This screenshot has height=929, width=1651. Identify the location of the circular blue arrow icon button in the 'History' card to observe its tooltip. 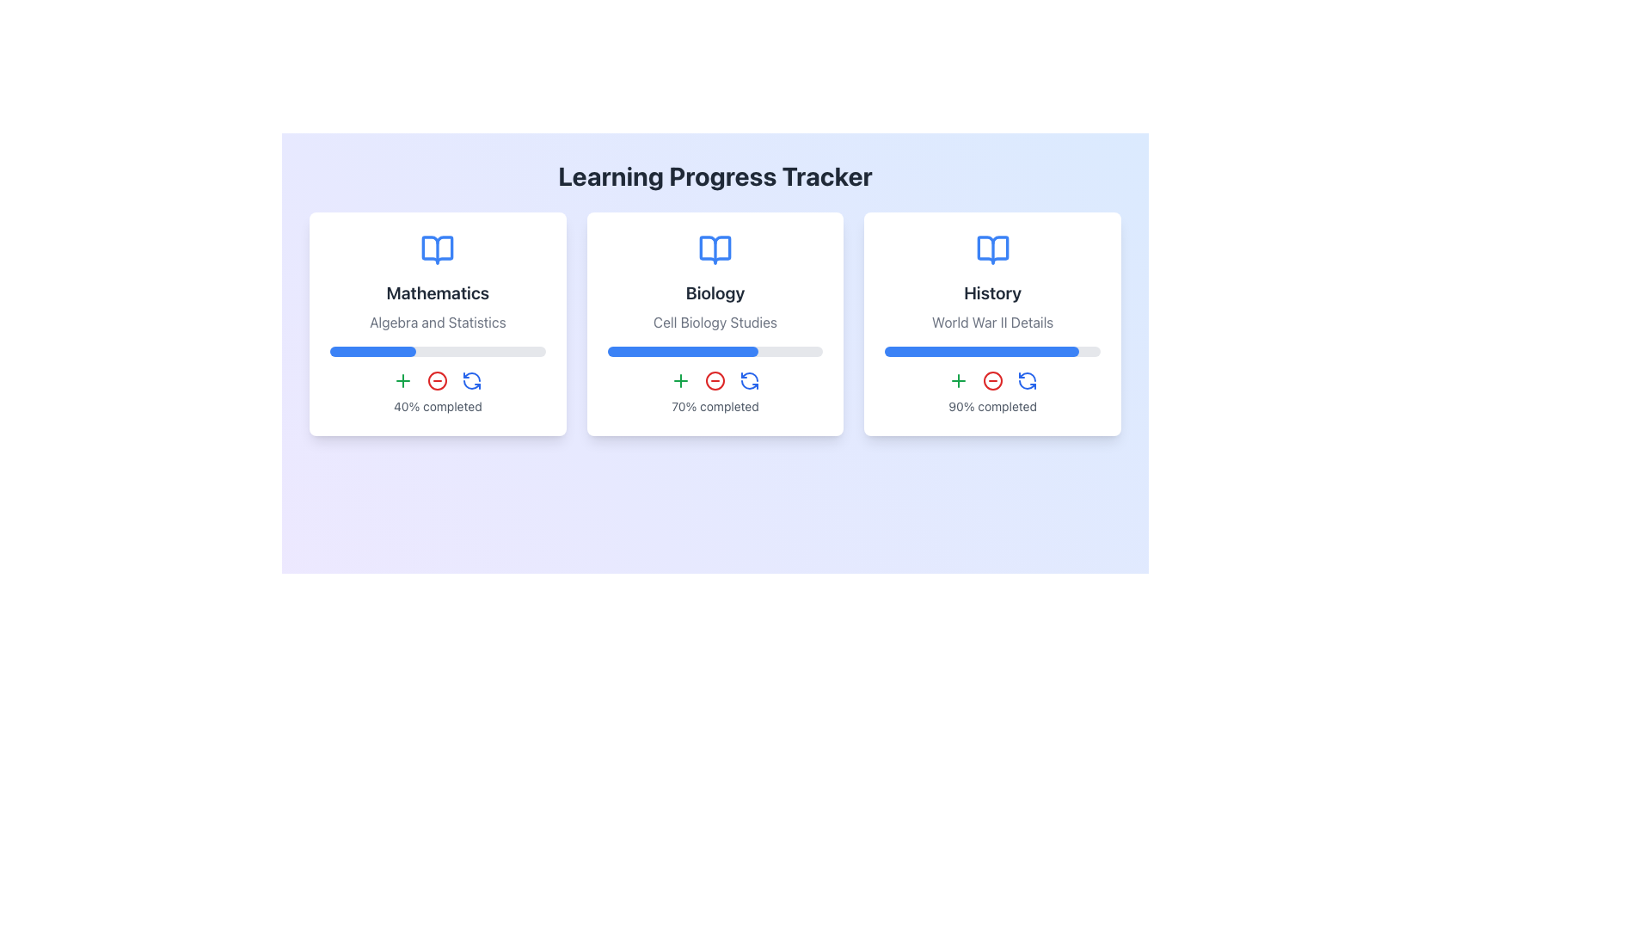
(1027, 380).